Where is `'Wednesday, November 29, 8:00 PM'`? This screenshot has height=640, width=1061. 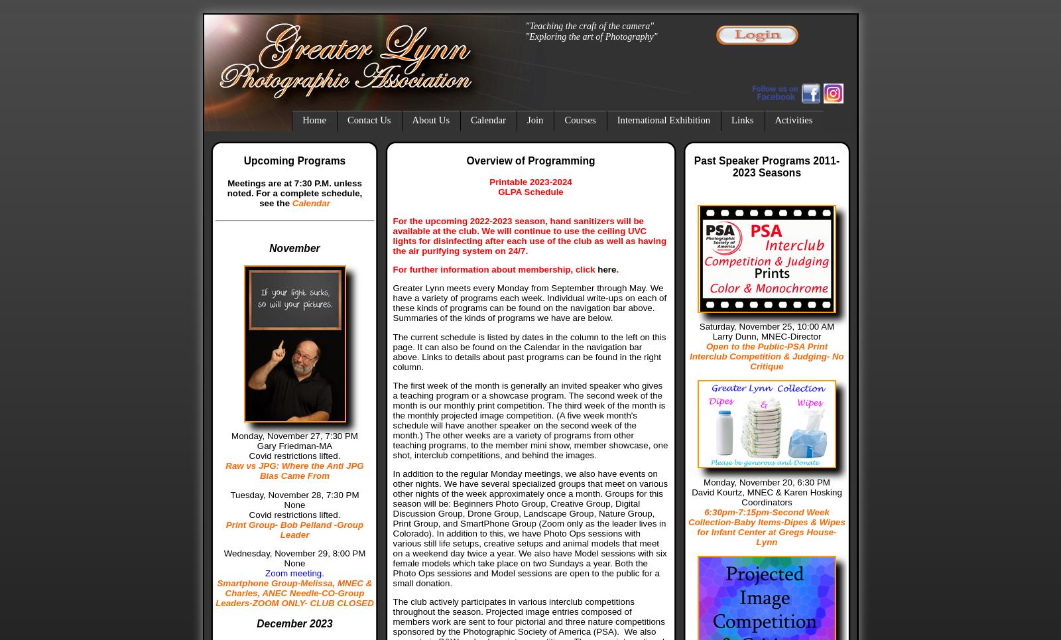 'Wednesday, November 29, 8:00 PM' is located at coordinates (294, 552).